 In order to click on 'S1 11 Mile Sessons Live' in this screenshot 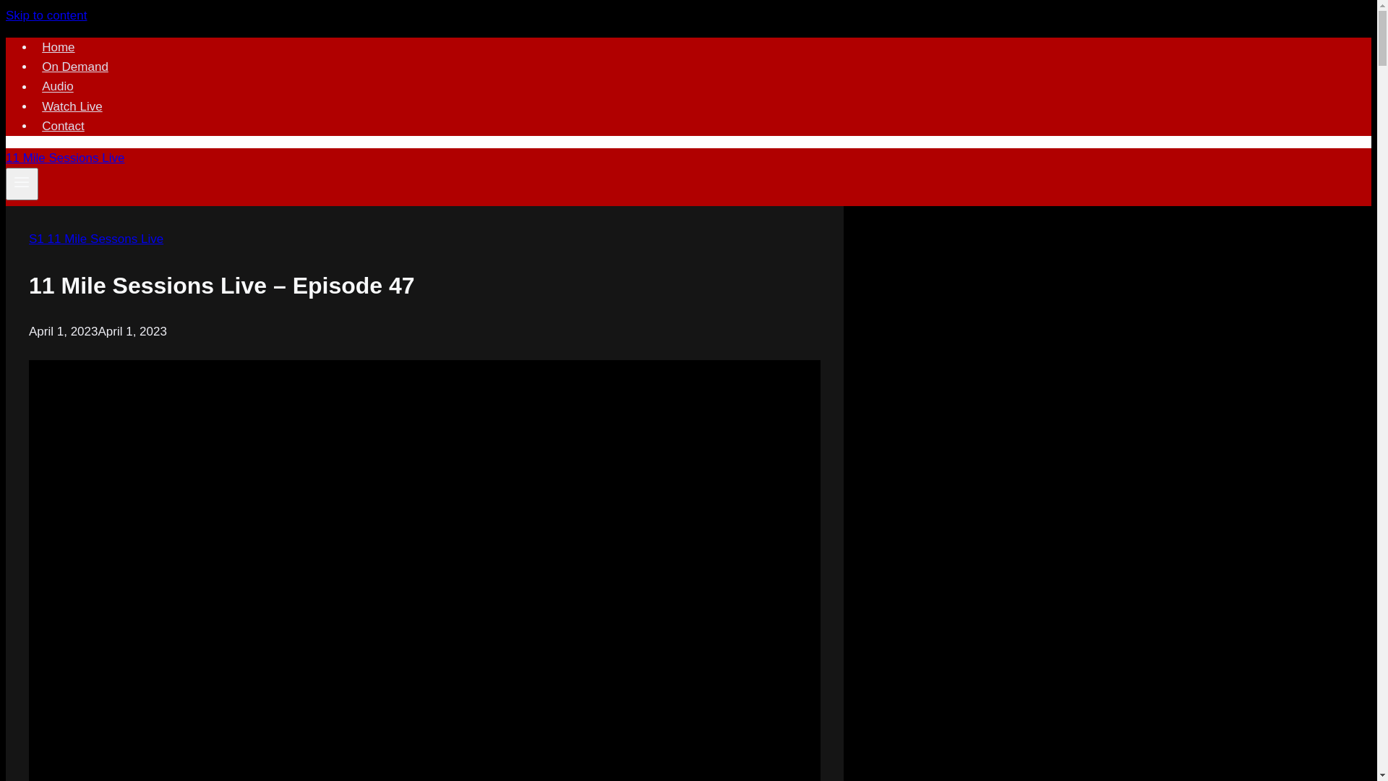, I will do `click(95, 238)`.